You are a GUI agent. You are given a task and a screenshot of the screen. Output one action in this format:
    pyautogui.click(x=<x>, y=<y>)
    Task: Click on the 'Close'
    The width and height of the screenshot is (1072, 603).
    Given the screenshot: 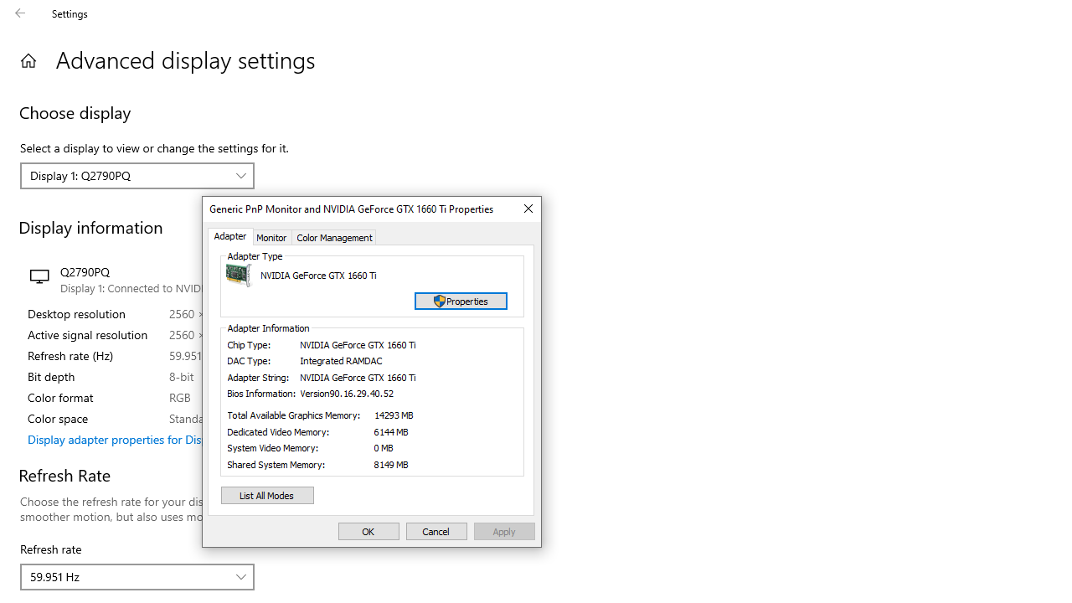 What is the action you would take?
    pyautogui.click(x=526, y=208)
    